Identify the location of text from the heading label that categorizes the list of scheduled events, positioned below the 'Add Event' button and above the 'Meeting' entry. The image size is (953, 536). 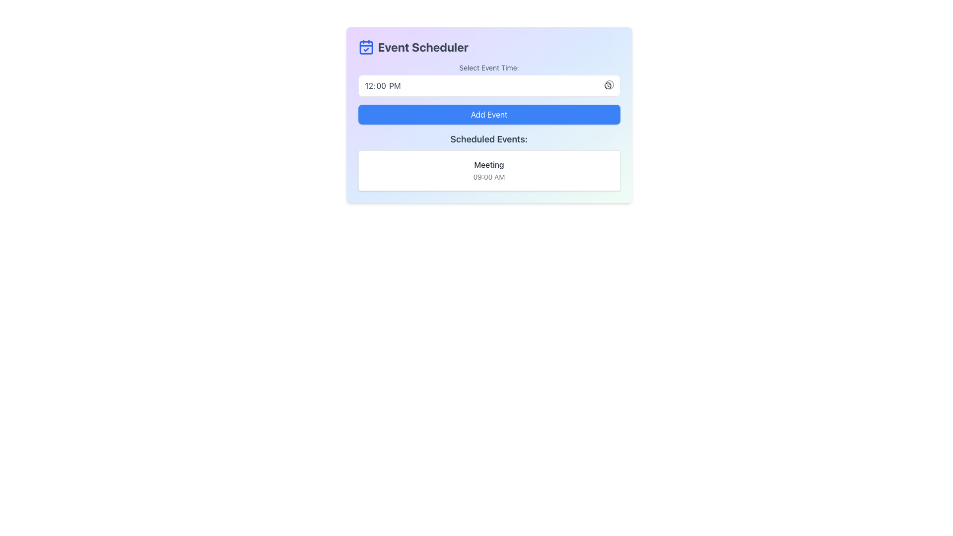
(489, 139).